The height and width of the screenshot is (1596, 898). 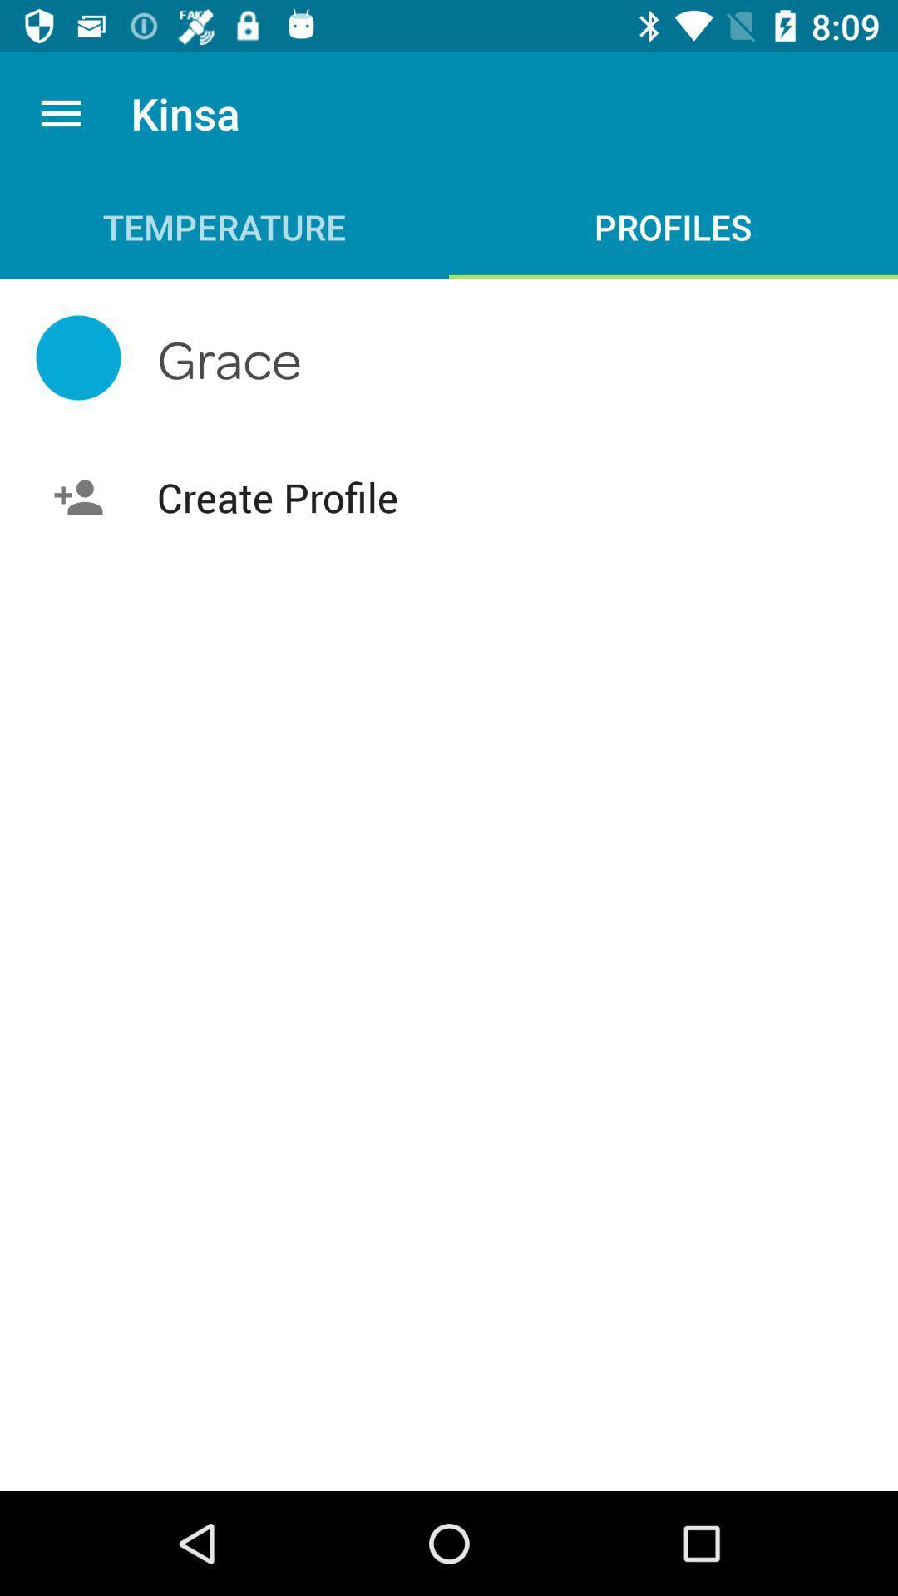 What do you see at coordinates (60, 112) in the screenshot?
I see `the app to the left of the kinsa app` at bounding box center [60, 112].